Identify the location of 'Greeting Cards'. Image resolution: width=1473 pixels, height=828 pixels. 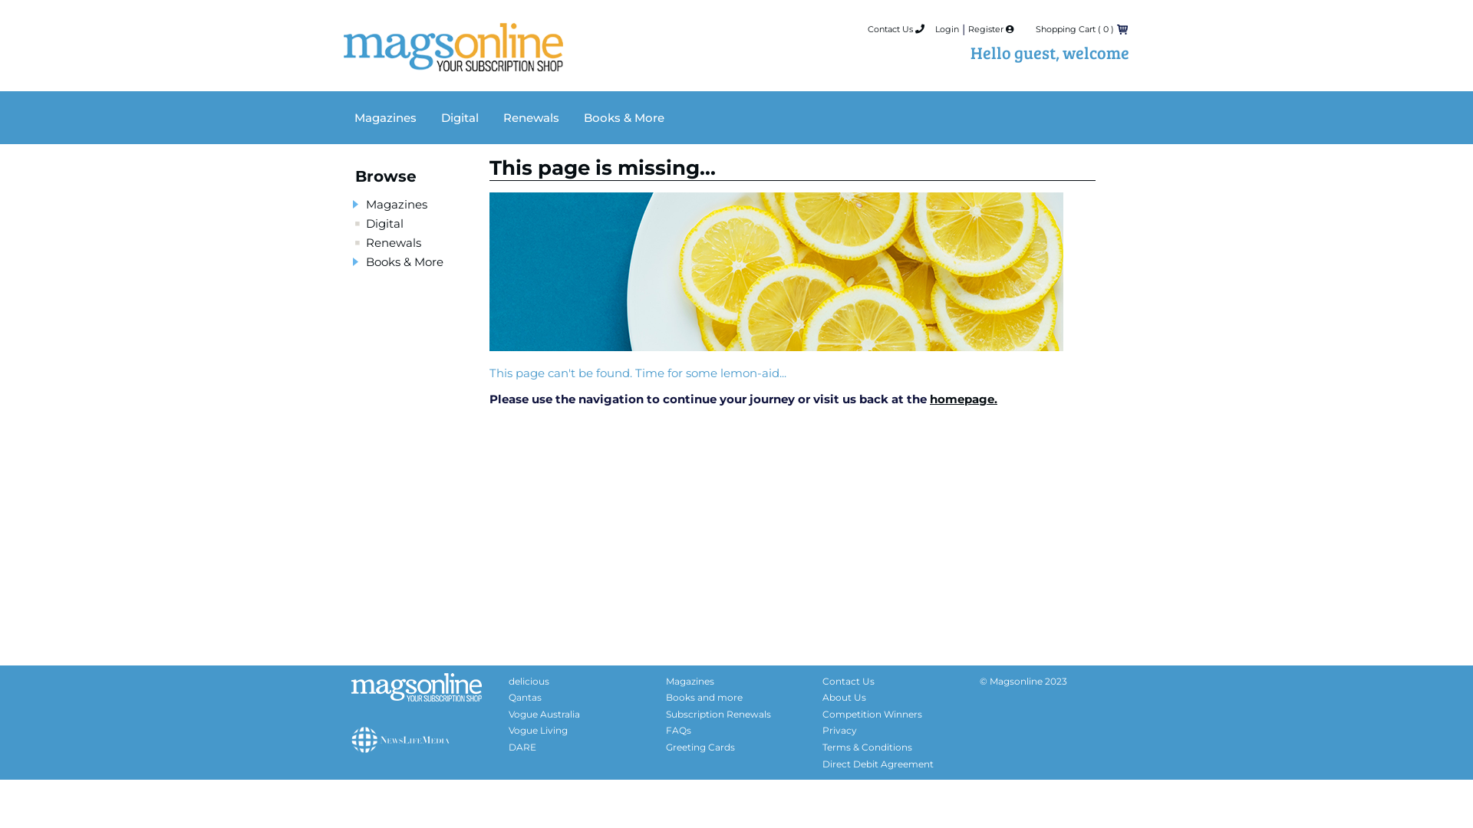
(699, 746).